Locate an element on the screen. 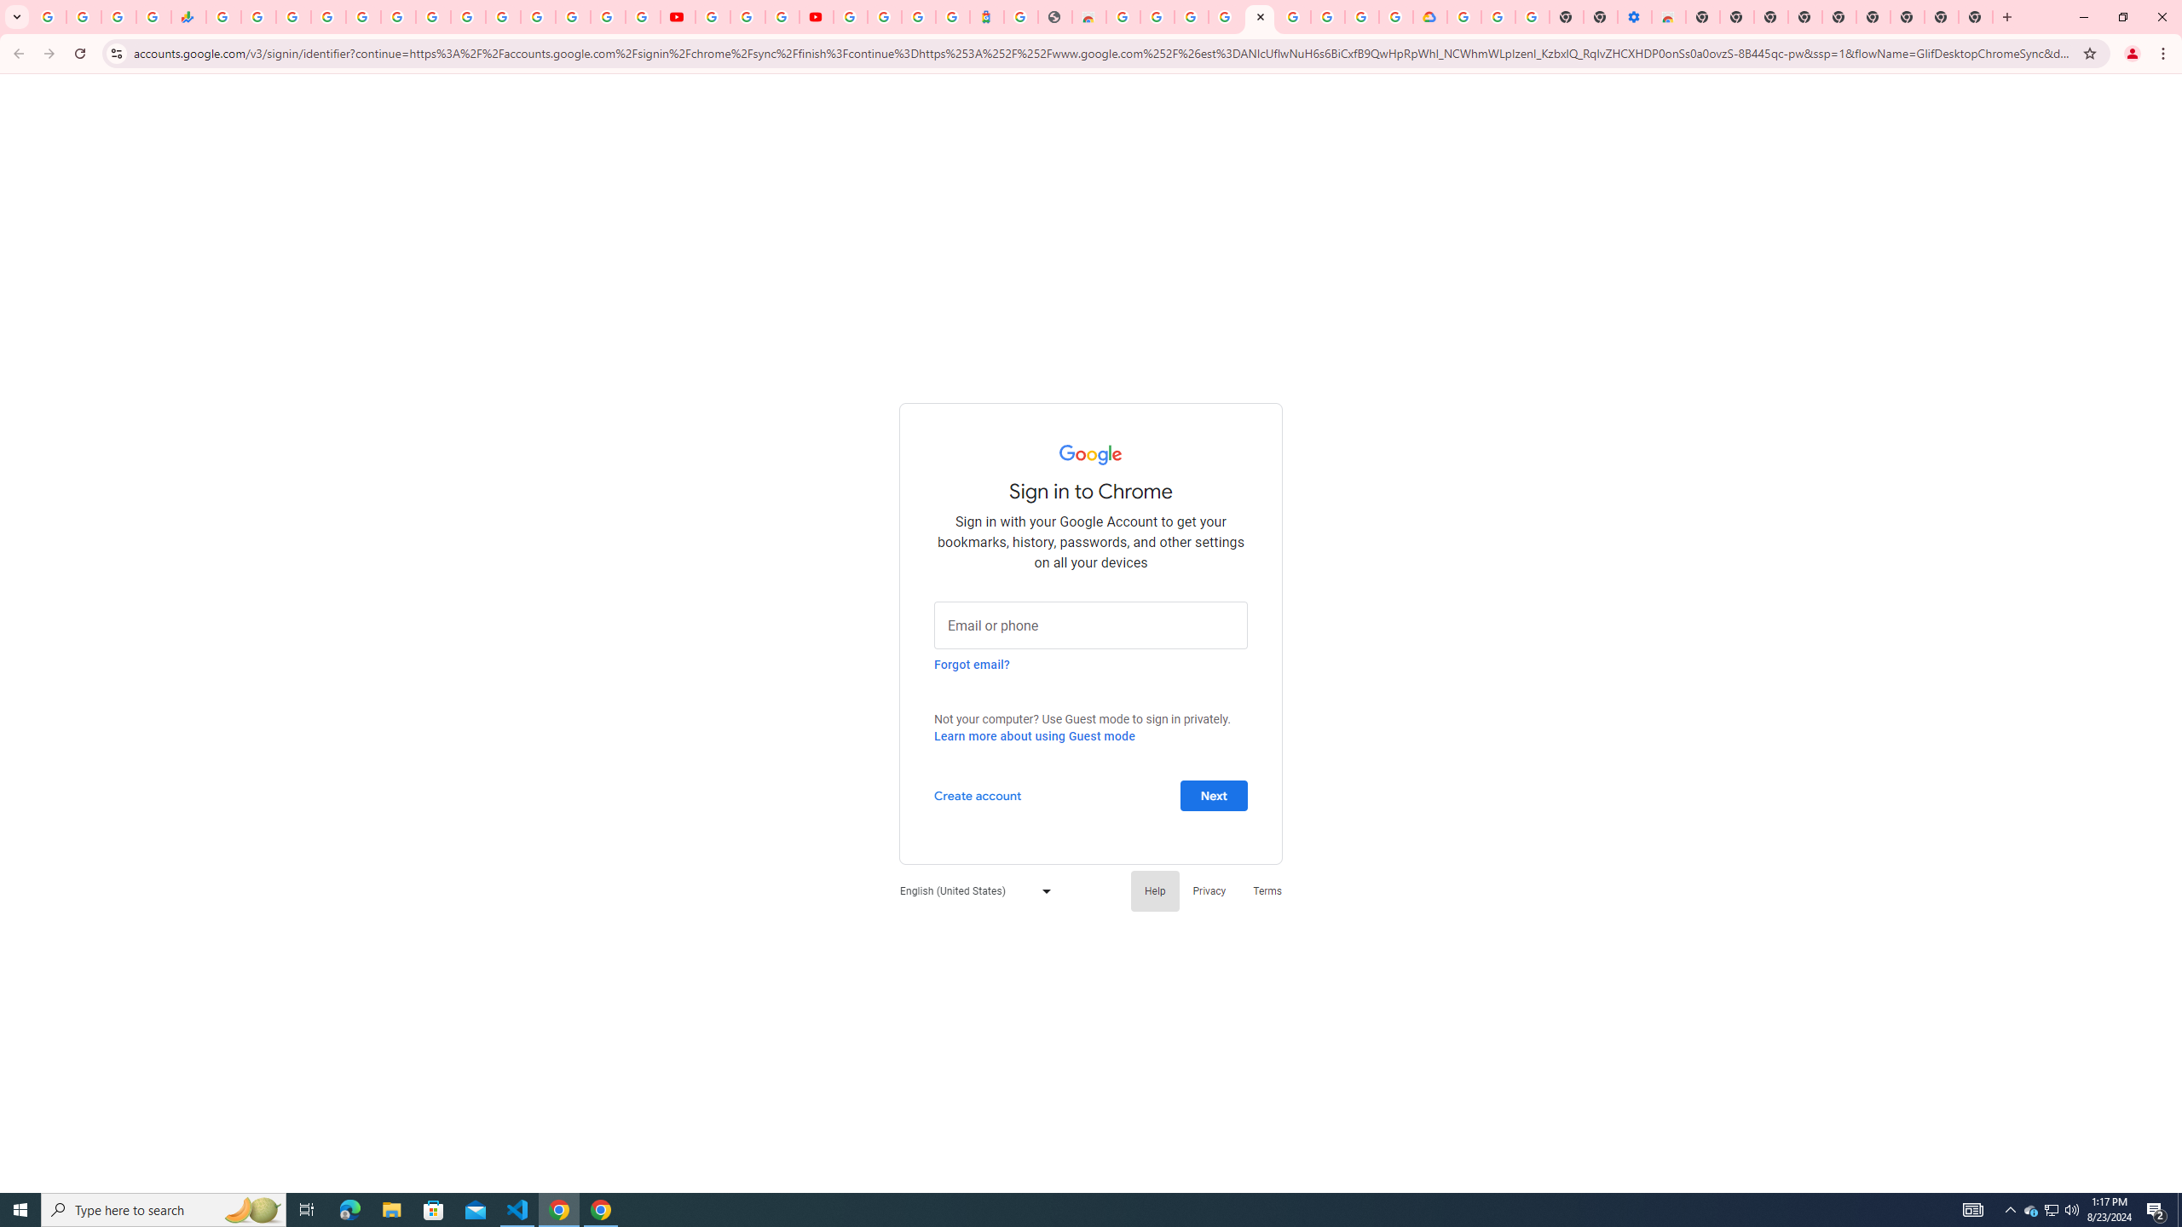 The image size is (2182, 1227). 'English (United States)' is located at coordinates (970, 890).